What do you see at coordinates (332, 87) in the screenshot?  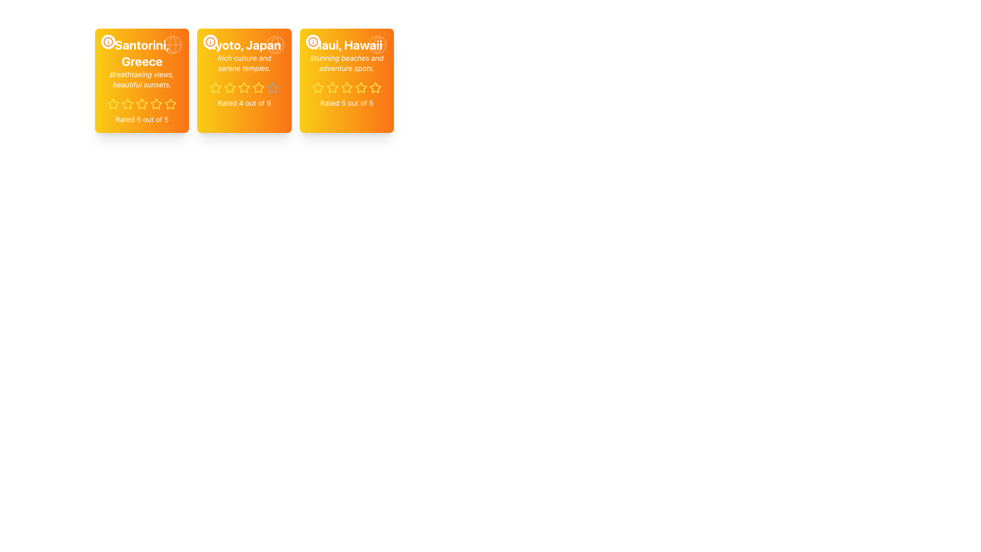 I see `the third star icon` at bounding box center [332, 87].